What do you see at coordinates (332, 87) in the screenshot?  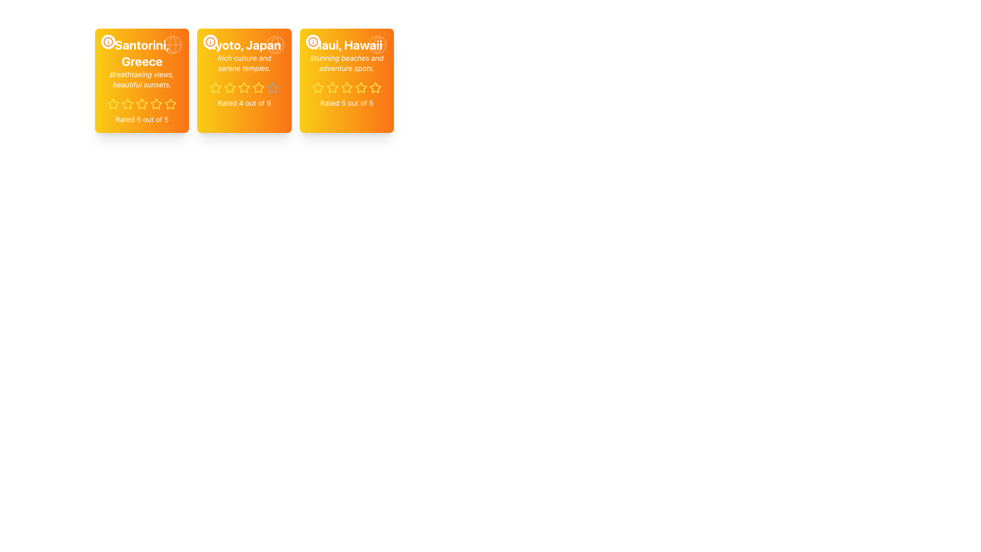 I see `the third star icon` at bounding box center [332, 87].